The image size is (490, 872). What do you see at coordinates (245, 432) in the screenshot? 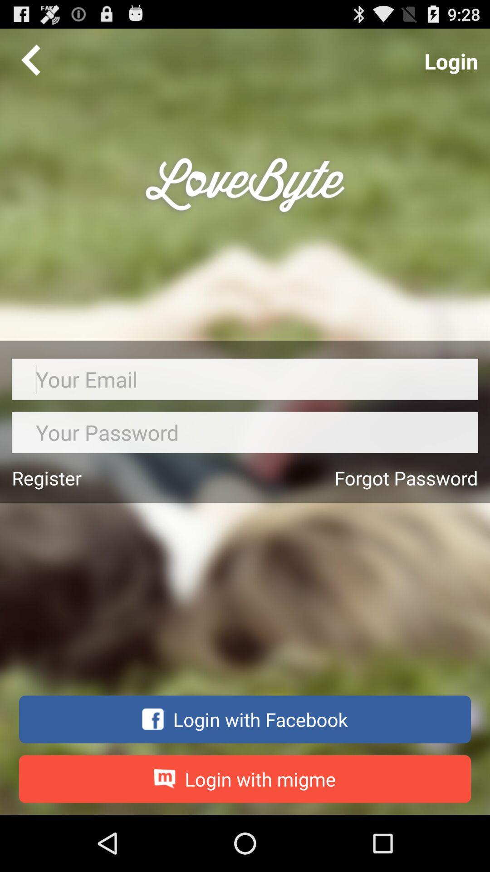
I see `input password` at bounding box center [245, 432].